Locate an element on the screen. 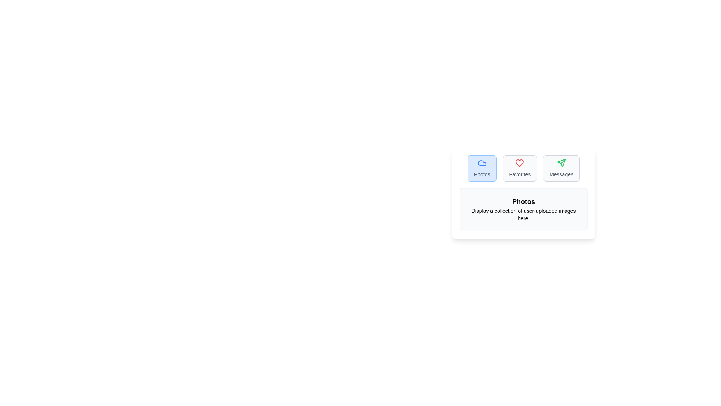 Image resolution: width=721 pixels, height=406 pixels. text in the 'Photos' section information card located below the 'Photos', 'Favorites', and 'Messages' buttons is located at coordinates (523, 209).